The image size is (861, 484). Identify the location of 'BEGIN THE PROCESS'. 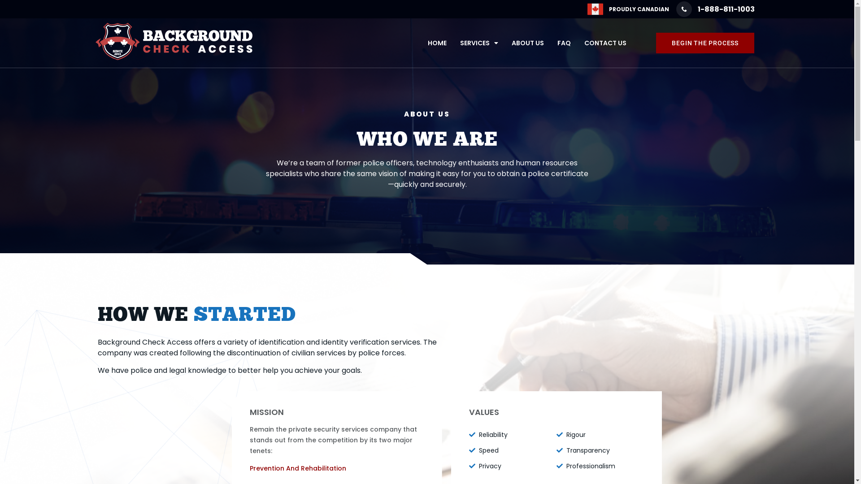
(704, 43).